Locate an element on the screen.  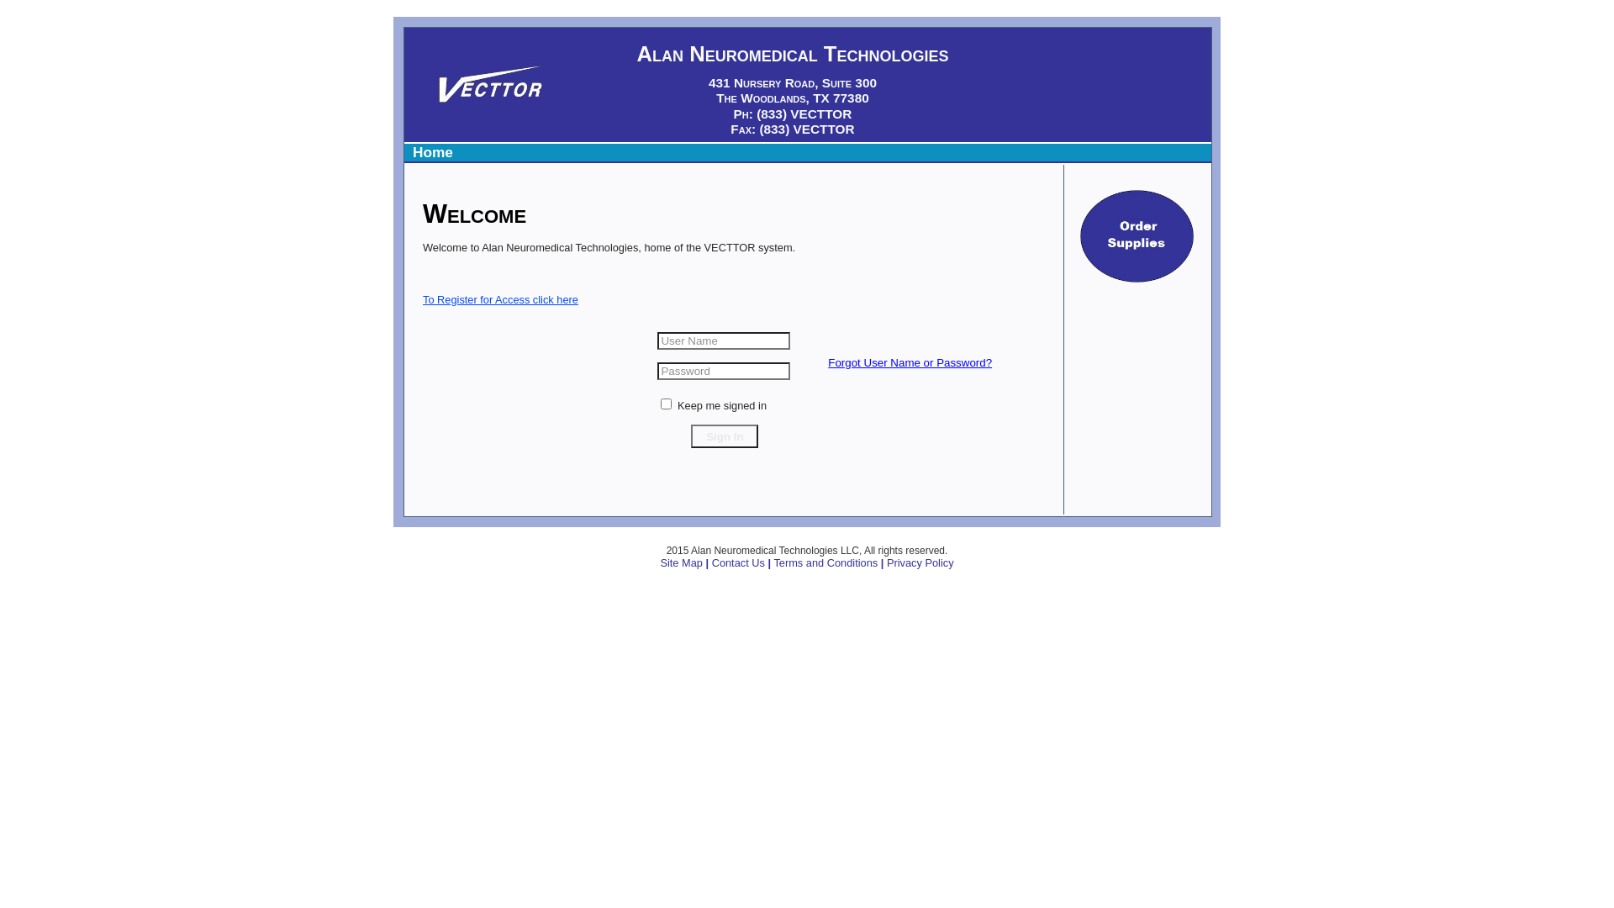
'Privacy Policy' is located at coordinates (919, 562).